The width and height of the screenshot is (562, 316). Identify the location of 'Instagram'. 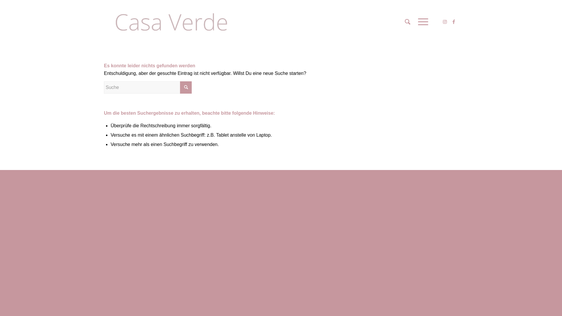
(445, 21).